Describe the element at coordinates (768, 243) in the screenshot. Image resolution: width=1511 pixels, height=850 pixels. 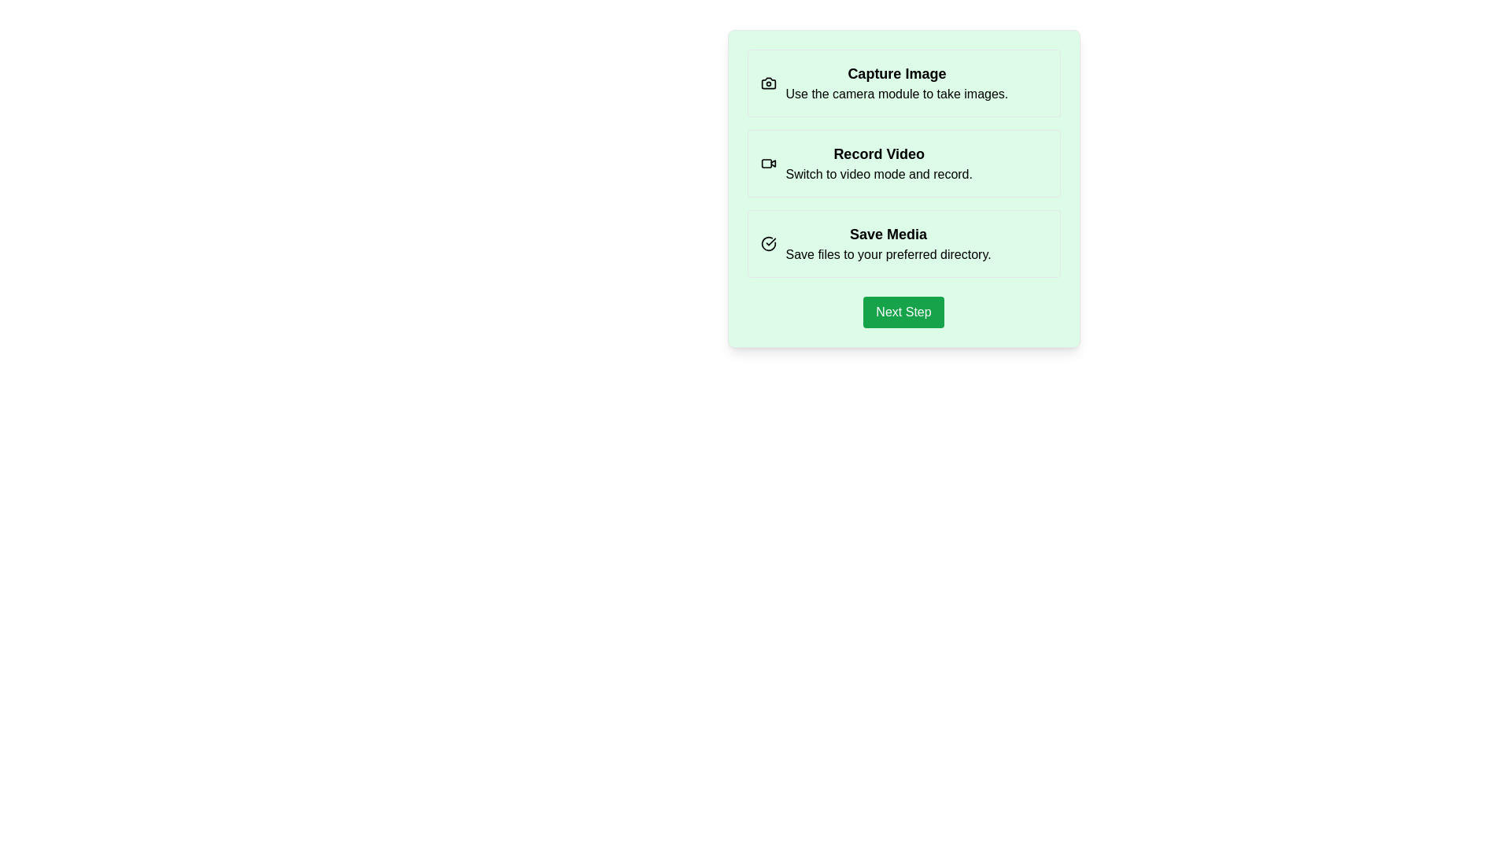
I see `the circular checkmark icon that is part of the 'Save Media' option in the third row of the light green card` at that location.